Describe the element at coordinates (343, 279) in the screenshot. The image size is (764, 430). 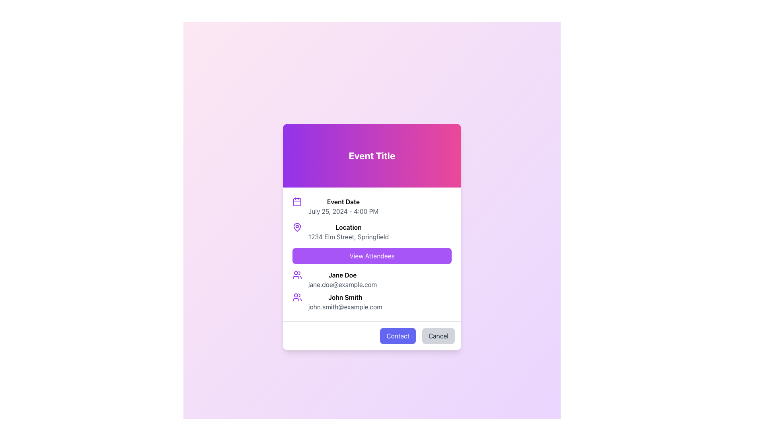
I see `the Text block containing contact information (name and email) located in the middle area of the dialog, positioned as the first item after the 'View Attendees' button` at that location.